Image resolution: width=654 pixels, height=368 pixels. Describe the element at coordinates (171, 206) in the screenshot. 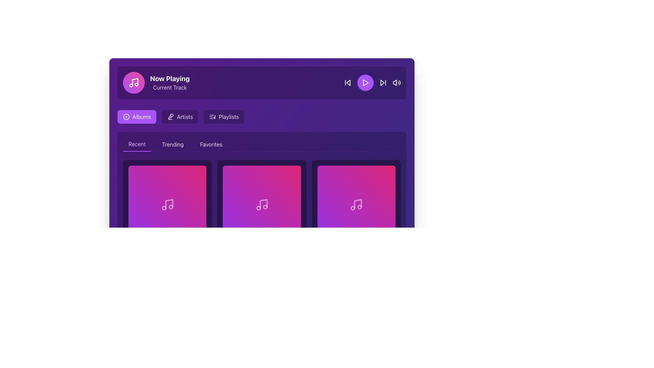

I see `the small circular graphical element located within the music-related icon, positioned to the right of another similar circular element` at that location.